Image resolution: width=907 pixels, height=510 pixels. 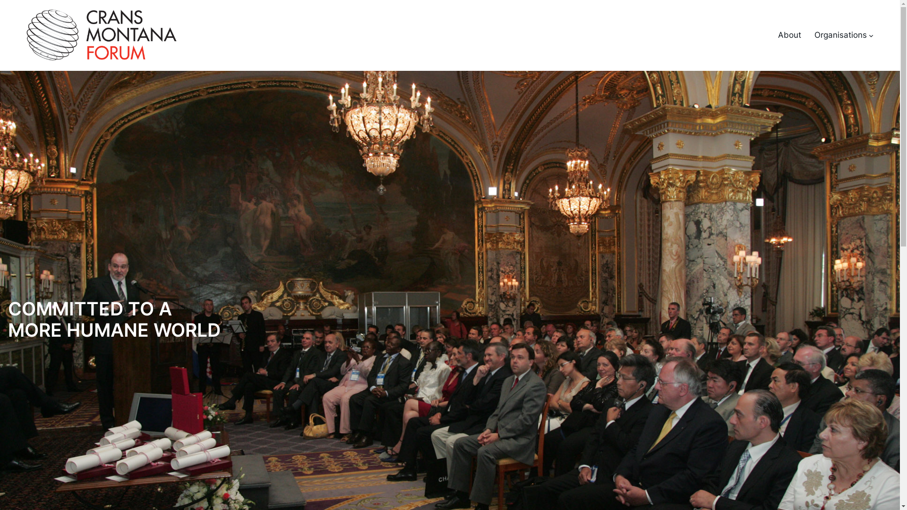 What do you see at coordinates (789, 34) in the screenshot?
I see `'About'` at bounding box center [789, 34].